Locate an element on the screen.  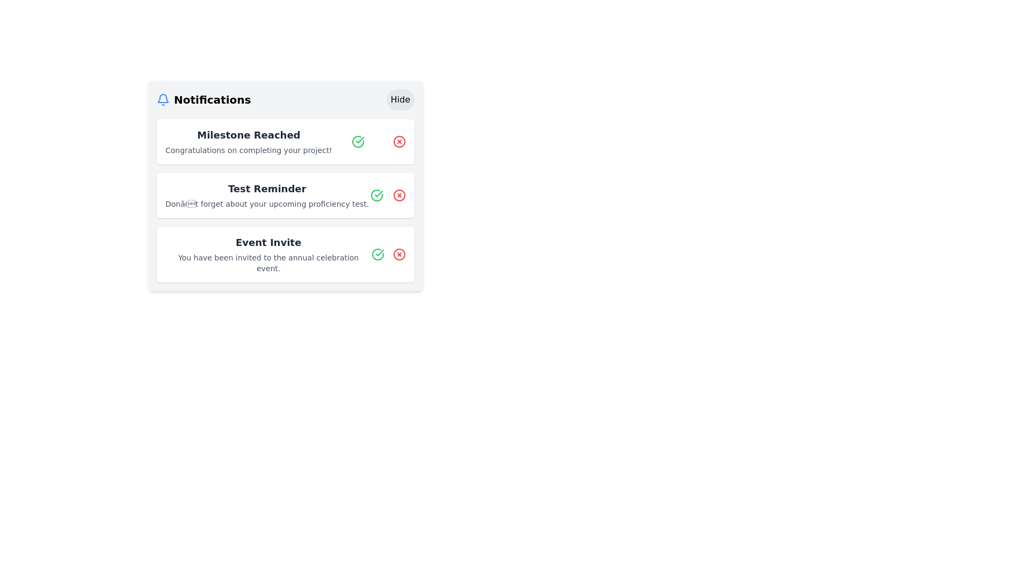
the Text Label that serves as a title for the notification, displaying 'Test Reminder' is located at coordinates (267, 188).